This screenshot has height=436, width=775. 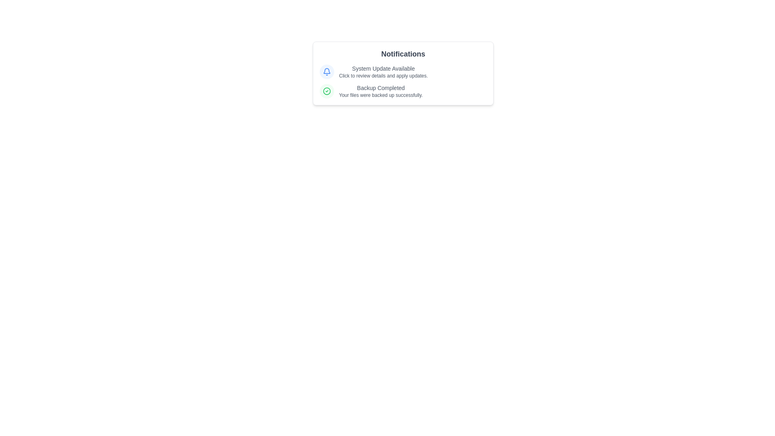 What do you see at coordinates (403, 71) in the screenshot?
I see `the Notification card displaying 'System Update Available' which includes a blue bell icon and is the first notification in the list` at bounding box center [403, 71].